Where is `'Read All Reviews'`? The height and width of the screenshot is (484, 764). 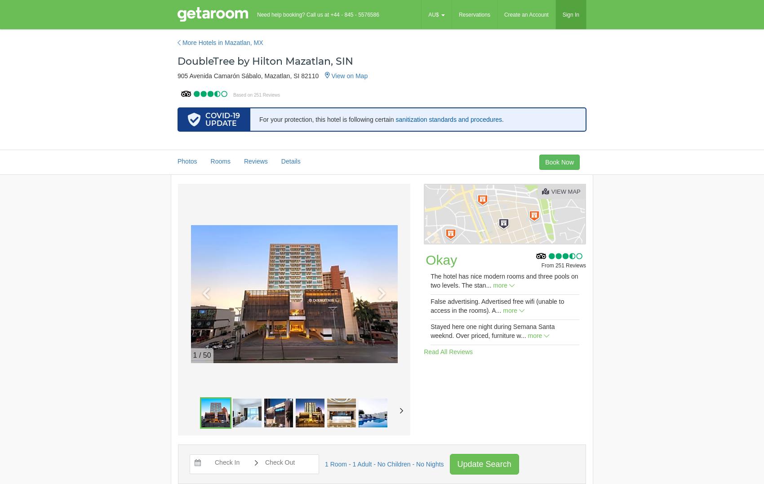 'Read All Reviews' is located at coordinates (448, 351).